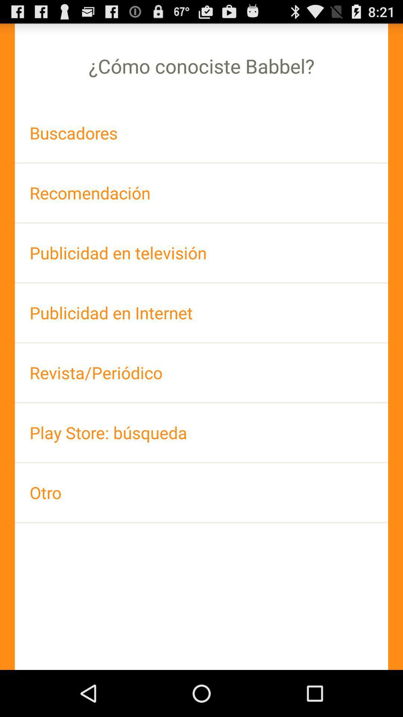 The width and height of the screenshot is (403, 717). What do you see at coordinates (201, 432) in the screenshot?
I see `the app above the otro icon` at bounding box center [201, 432].